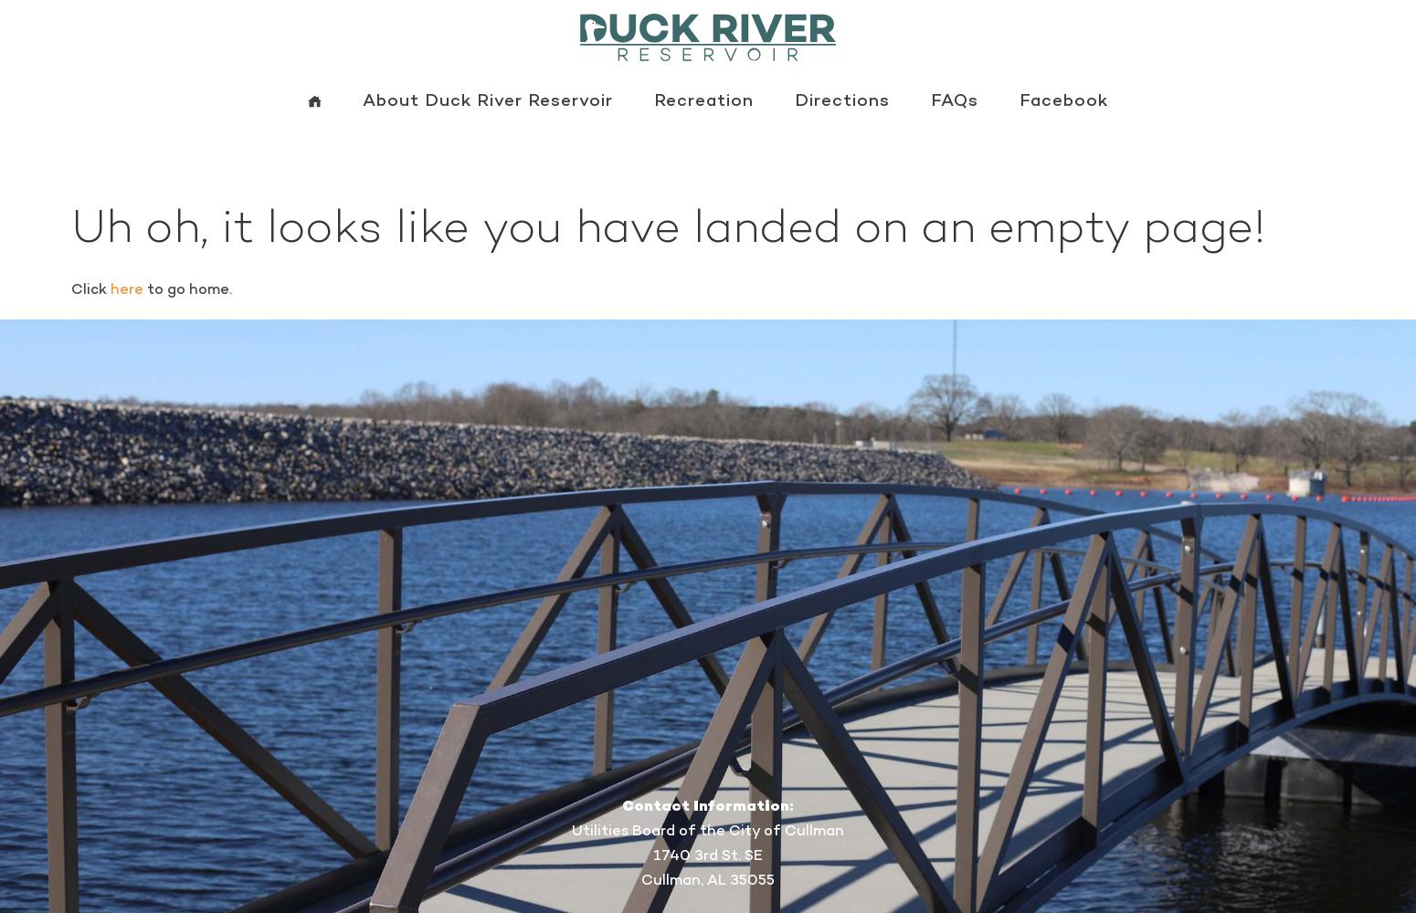 The image size is (1416, 913). What do you see at coordinates (708, 829) in the screenshot?
I see `'Utilities Board of the City of Cullman'` at bounding box center [708, 829].